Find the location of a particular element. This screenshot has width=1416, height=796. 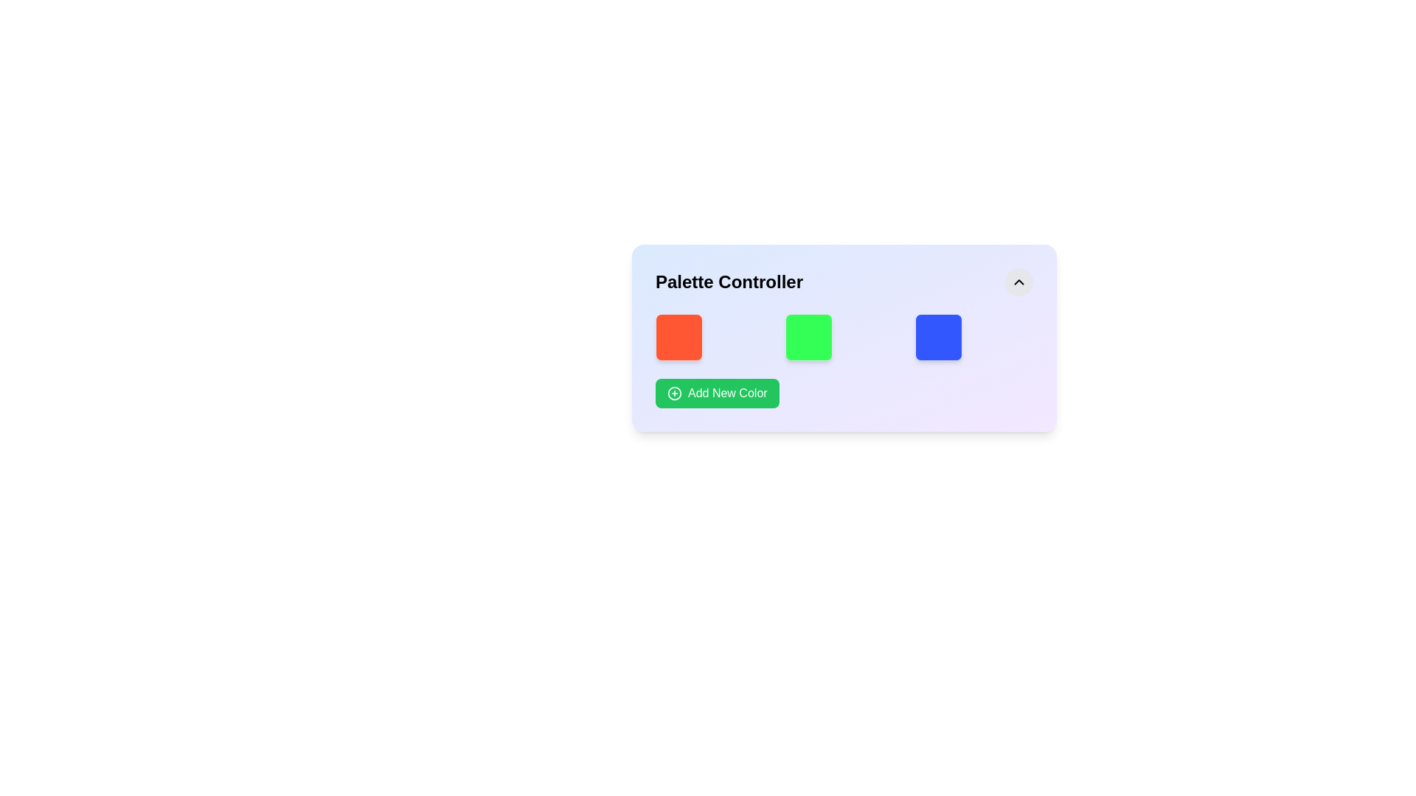

one of the colored blocks from the grid component located within the 'Palette Controller' is located at coordinates (844, 338).